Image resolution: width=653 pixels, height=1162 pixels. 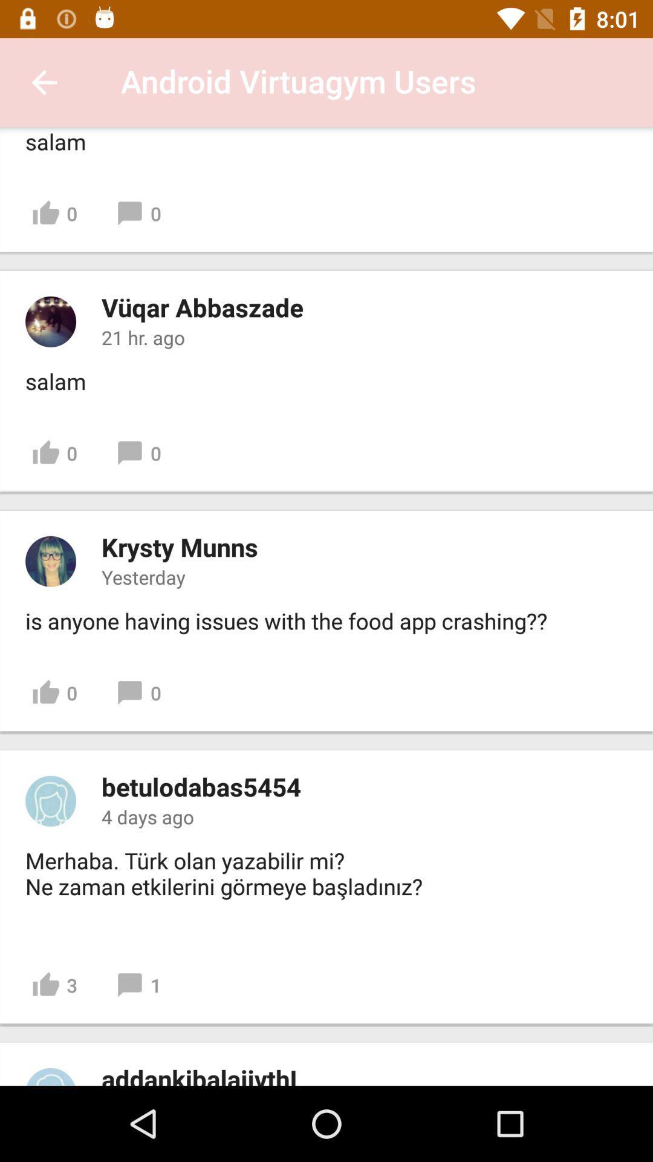 I want to click on is anyone having icon, so click(x=286, y=621).